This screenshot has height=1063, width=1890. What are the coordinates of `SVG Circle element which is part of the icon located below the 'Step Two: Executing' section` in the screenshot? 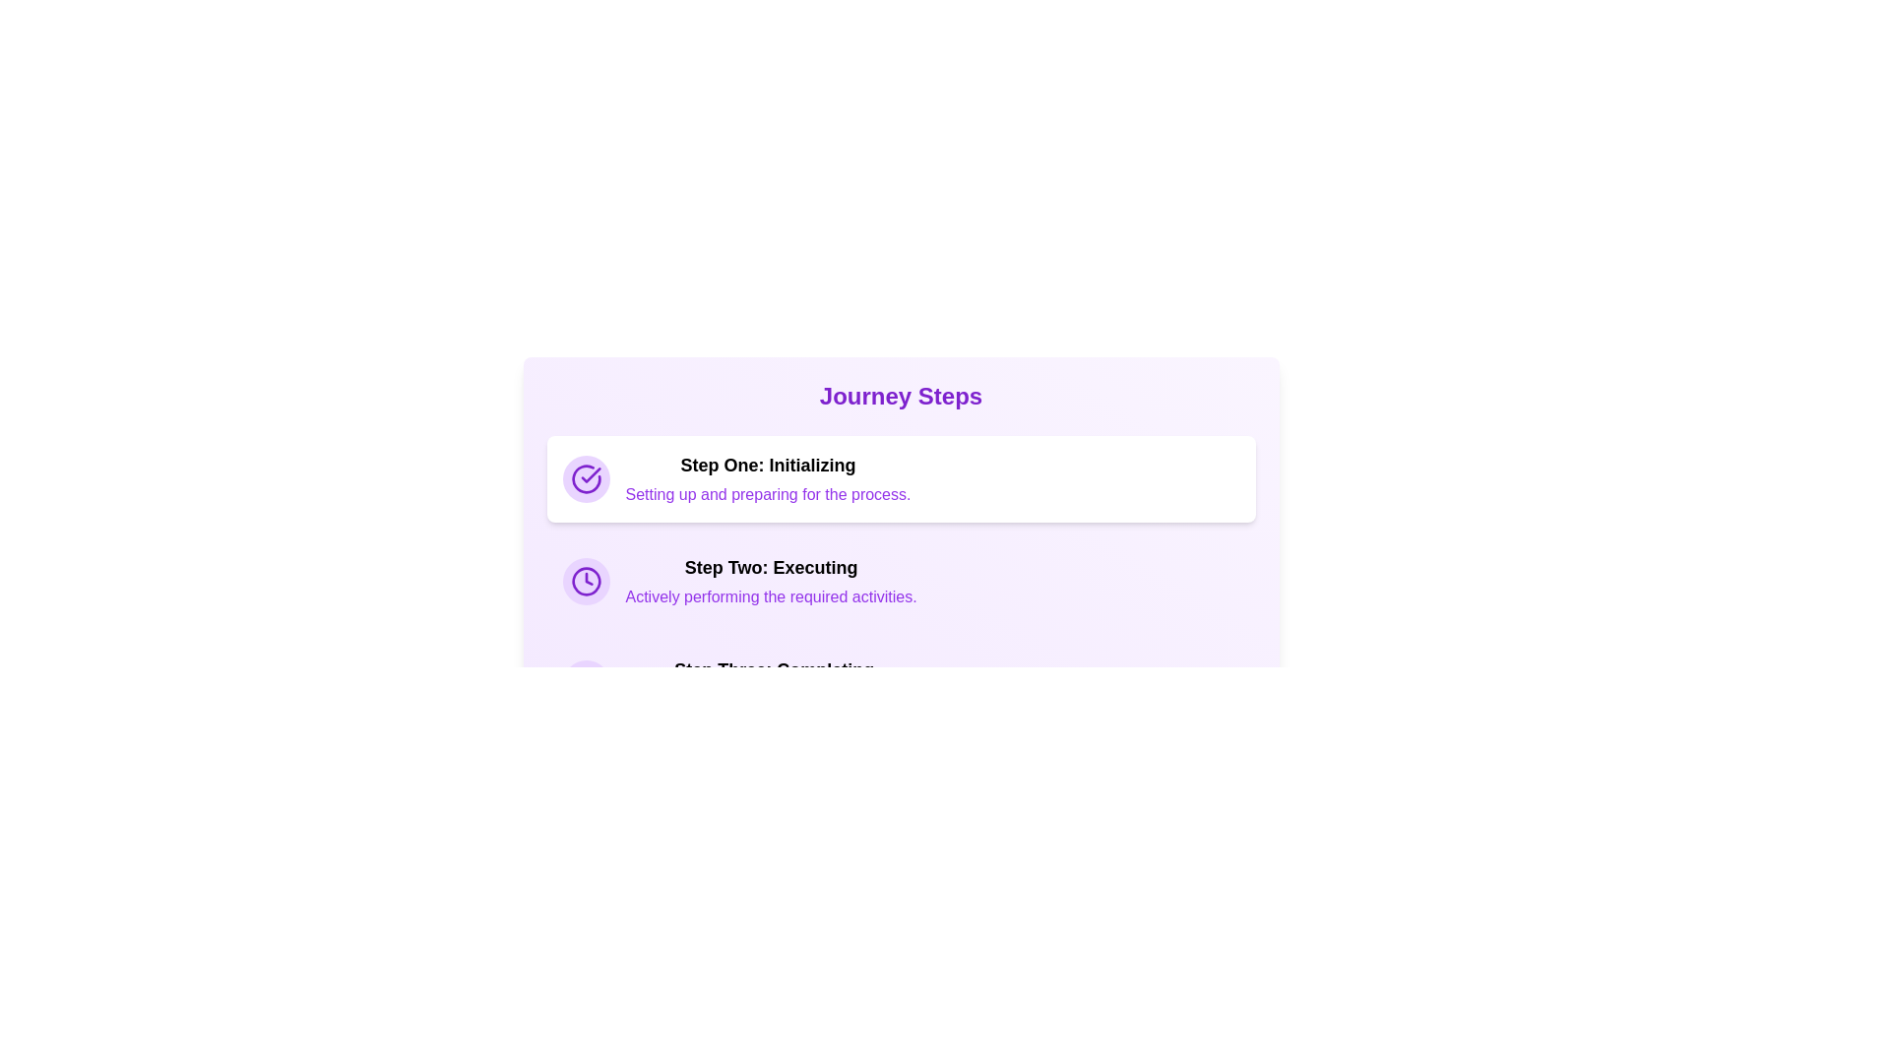 It's located at (585, 682).